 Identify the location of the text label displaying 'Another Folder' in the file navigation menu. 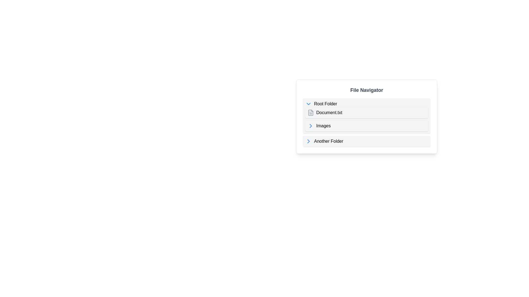
(328, 141).